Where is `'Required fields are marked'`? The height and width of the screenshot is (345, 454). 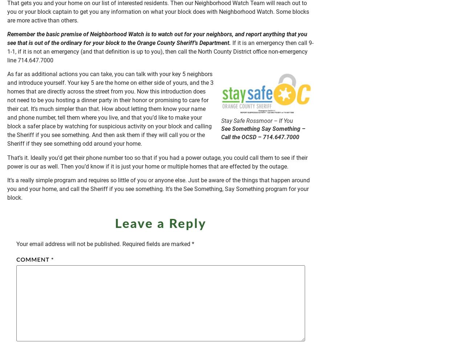 'Required fields are marked' is located at coordinates (157, 244).